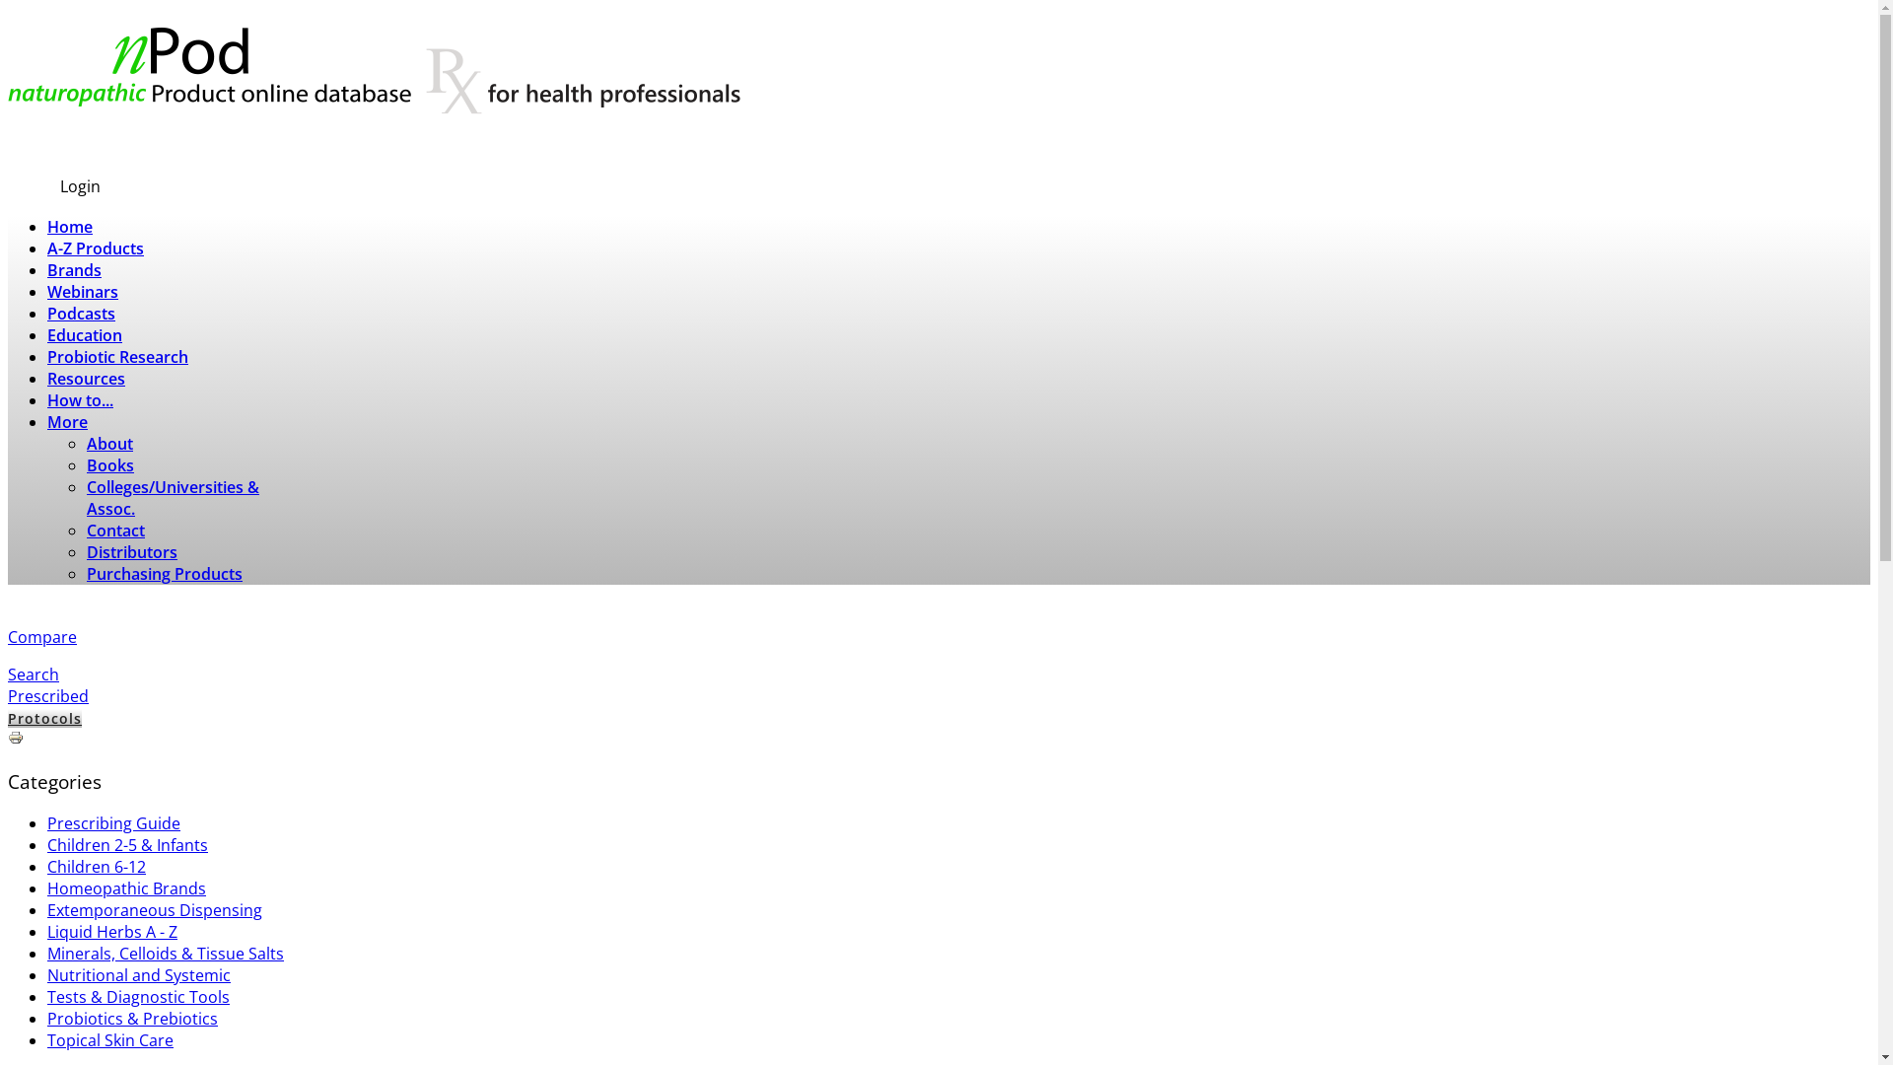 This screenshot has width=1893, height=1065. Describe the element at coordinates (47, 953) in the screenshot. I see `'Minerals, Celloids & Tissue Salts'` at that location.